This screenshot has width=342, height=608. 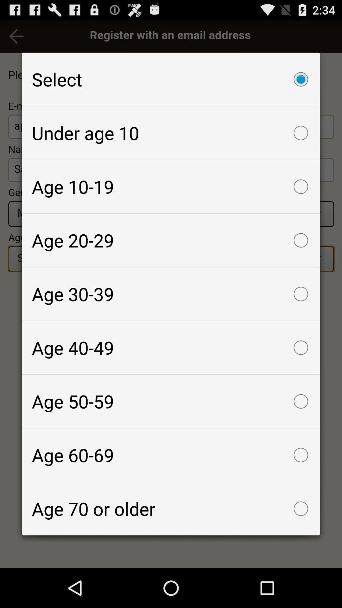 I want to click on age 40-49 item, so click(x=171, y=347).